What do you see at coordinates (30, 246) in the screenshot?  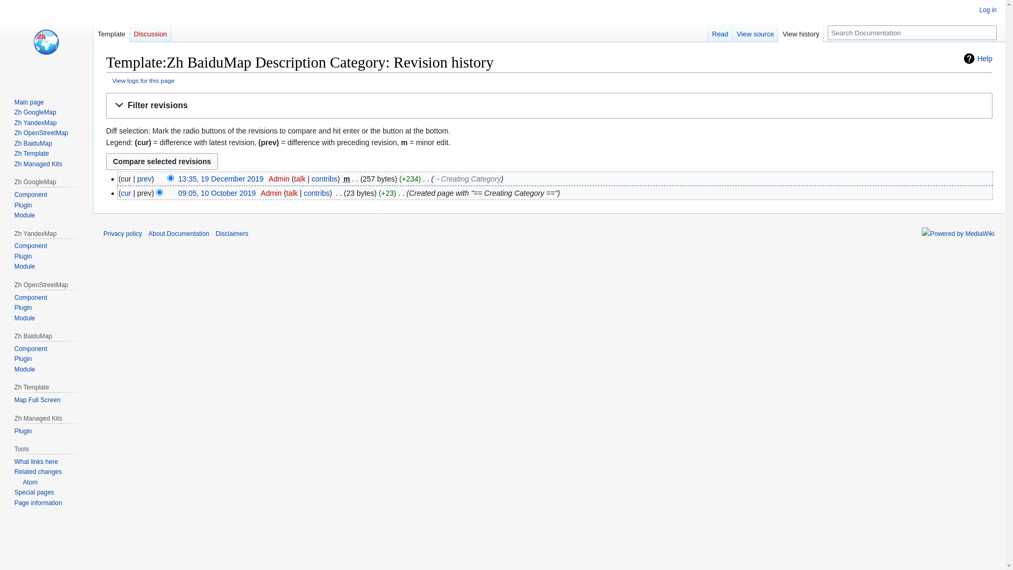 I see `'Component'` at bounding box center [30, 246].